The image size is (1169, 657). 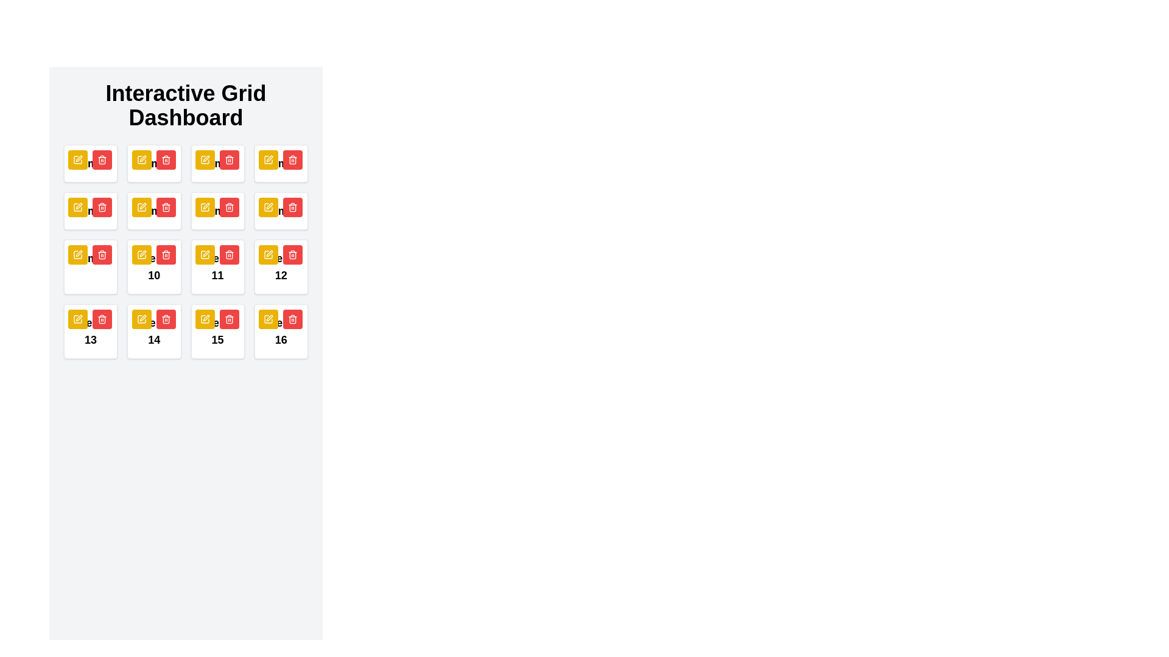 What do you see at coordinates (269, 158) in the screenshot?
I see `the edit icon located in the top-right region of the grid layout, specifically above the delete button on the right side of the product card` at bounding box center [269, 158].